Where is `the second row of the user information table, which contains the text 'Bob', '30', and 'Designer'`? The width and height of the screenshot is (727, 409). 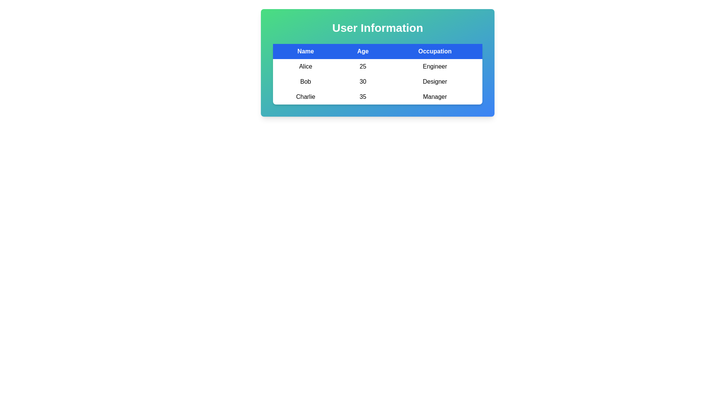 the second row of the user information table, which contains the text 'Bob', '30', and 'Designer' is located at coordinates (378, 82).